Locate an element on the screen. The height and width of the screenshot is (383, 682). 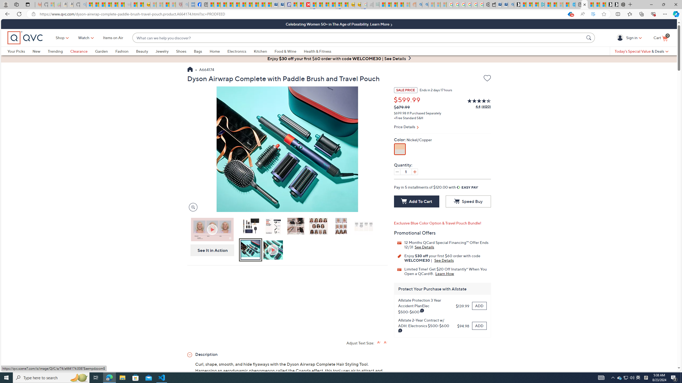
'Cheap Hotels - Save70.com' is located at coordinates (281, 4).